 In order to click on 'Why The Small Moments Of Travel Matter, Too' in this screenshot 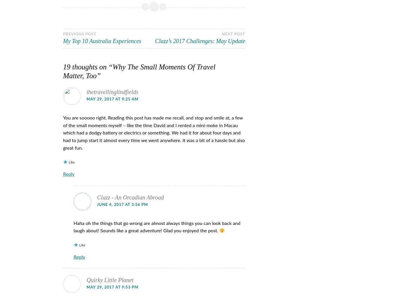, I will do `click(139, 71)`.